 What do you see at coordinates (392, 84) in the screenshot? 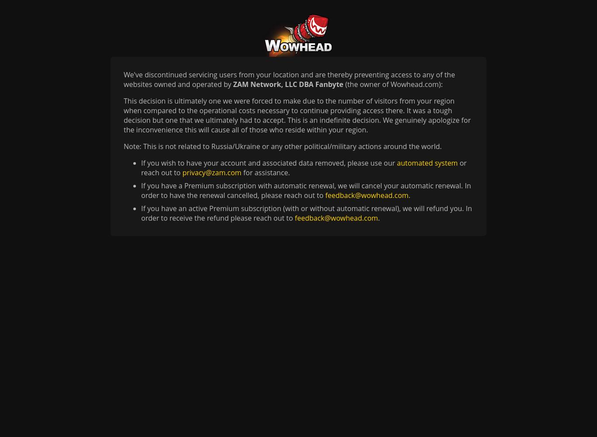
I see `'(the owner of Wowhead.com):'` at bounding box center [392, 84].